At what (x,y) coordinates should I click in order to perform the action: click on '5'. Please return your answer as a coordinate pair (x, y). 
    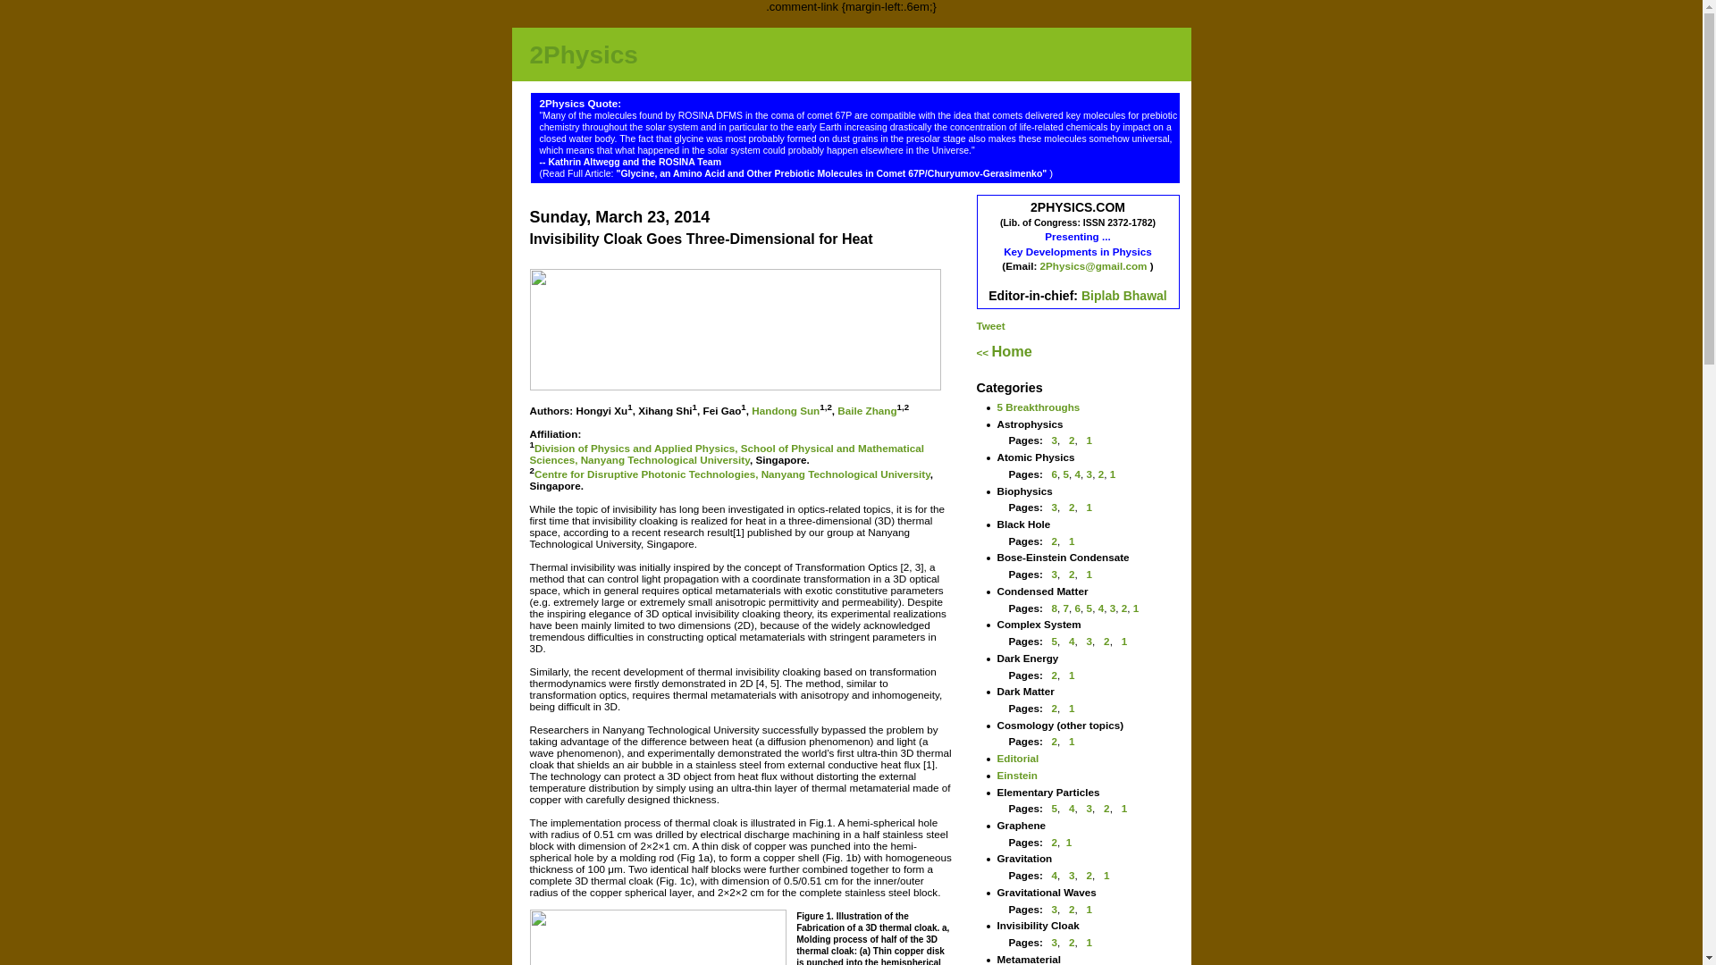
    Looking at the image, I should click on (1064, 473).